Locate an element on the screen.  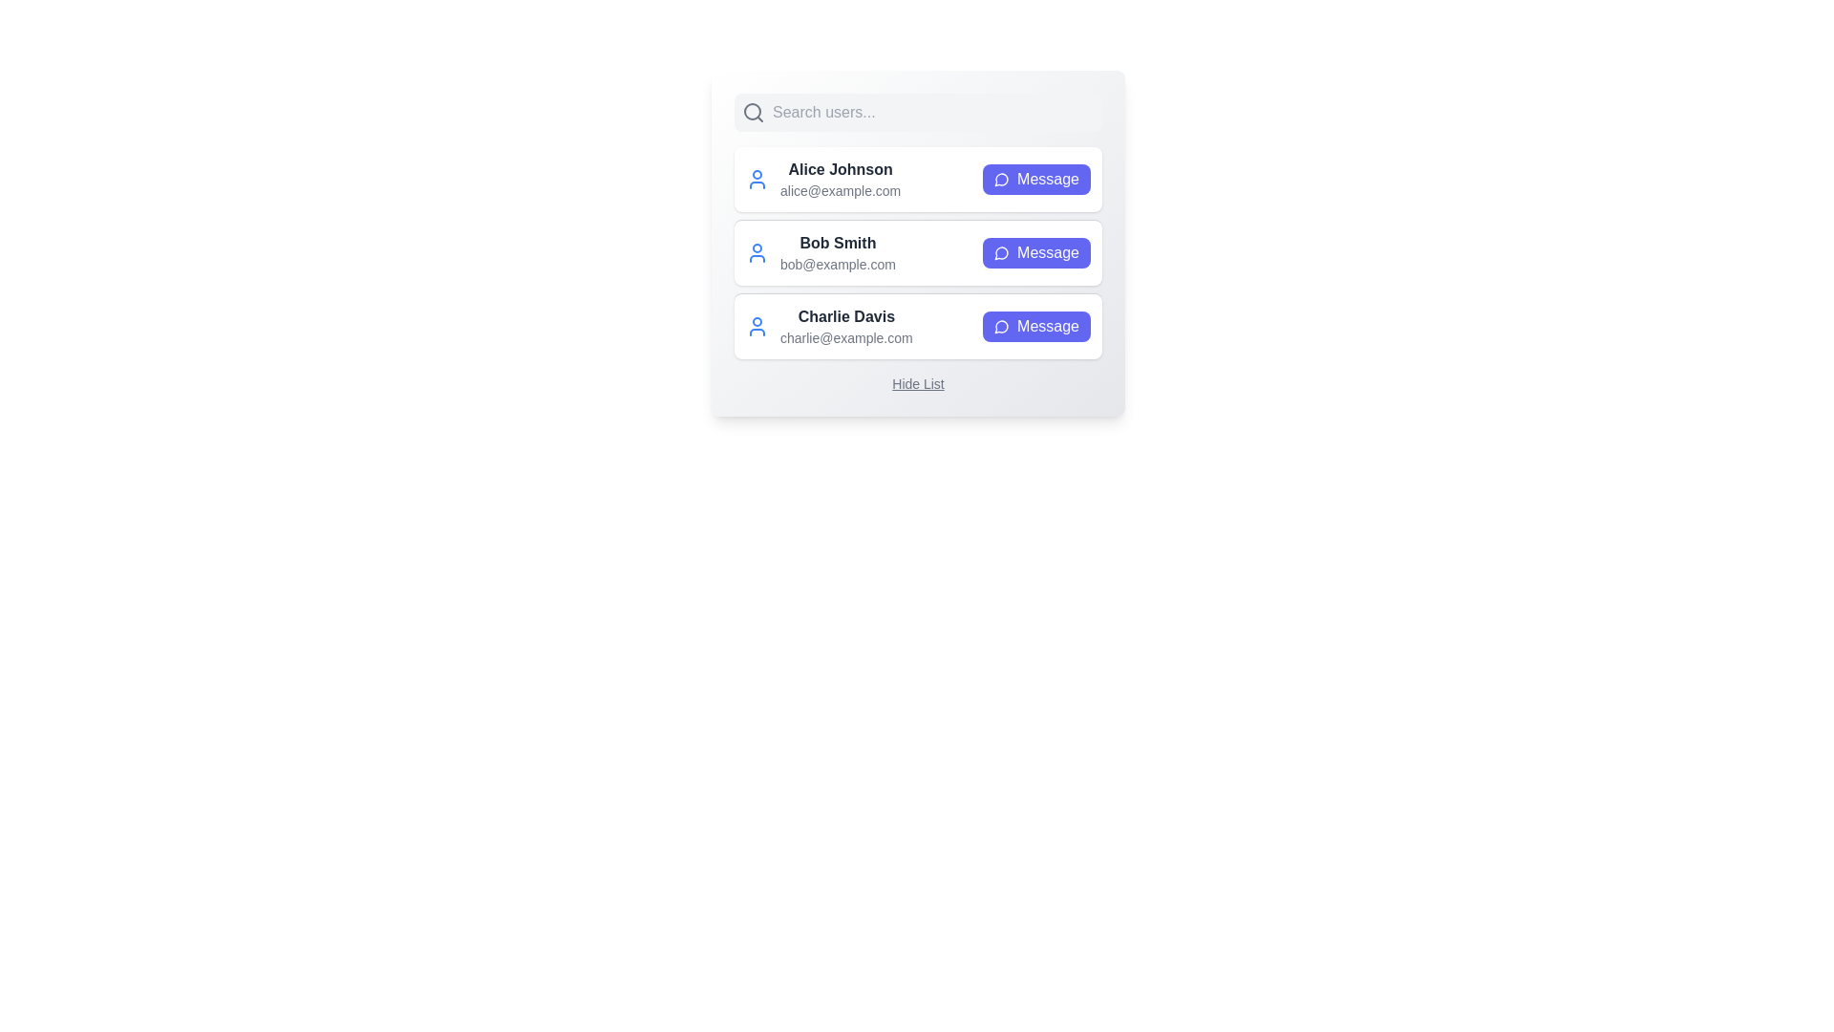
the 'Hide List' button to toggle the visibility of the user list is located at coordinates (918, 383).